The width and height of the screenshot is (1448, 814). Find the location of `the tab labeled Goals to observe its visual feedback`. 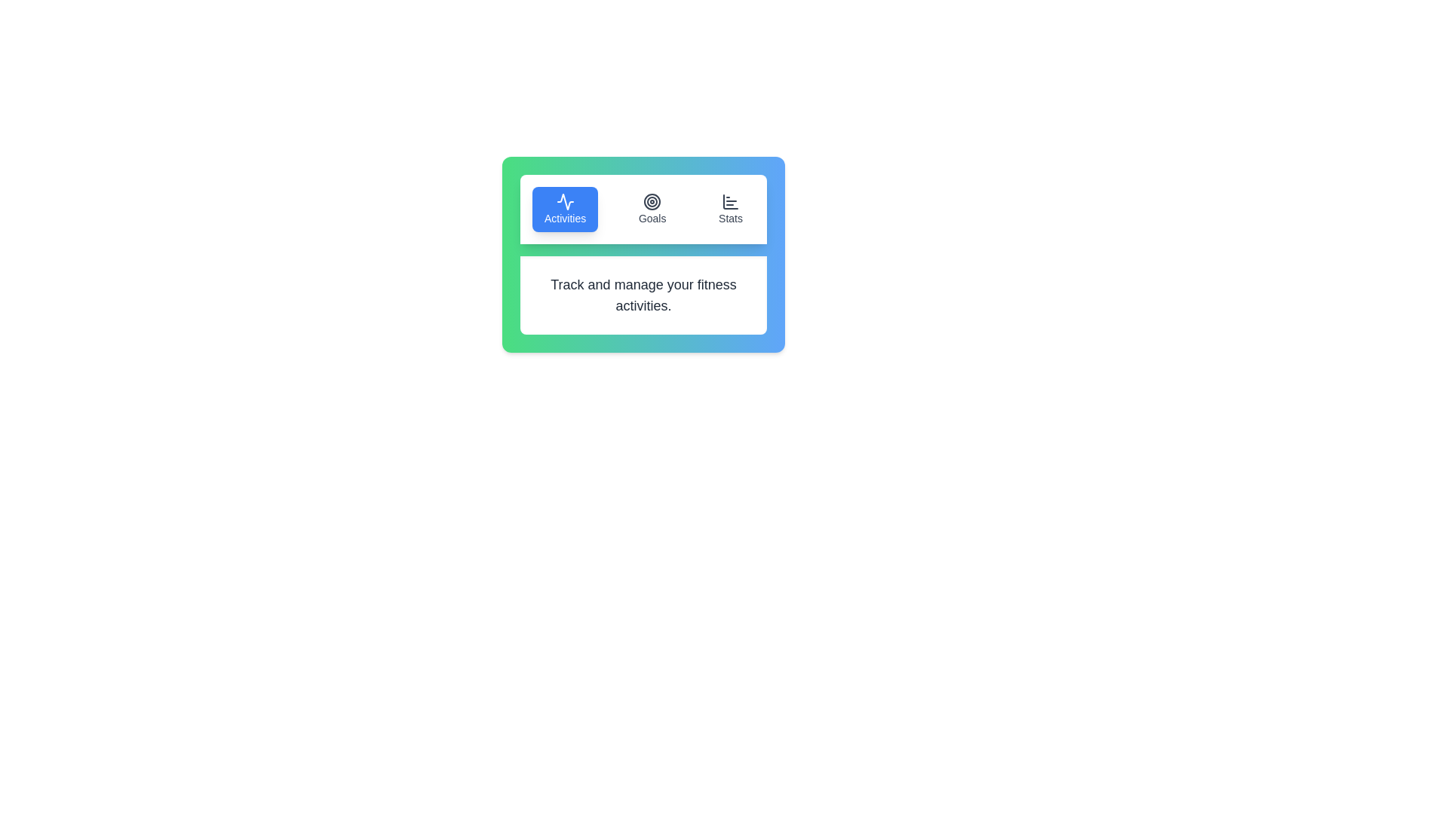

the tab labeled Goals to observe its visual feedback is located at coordinates (652, 209).